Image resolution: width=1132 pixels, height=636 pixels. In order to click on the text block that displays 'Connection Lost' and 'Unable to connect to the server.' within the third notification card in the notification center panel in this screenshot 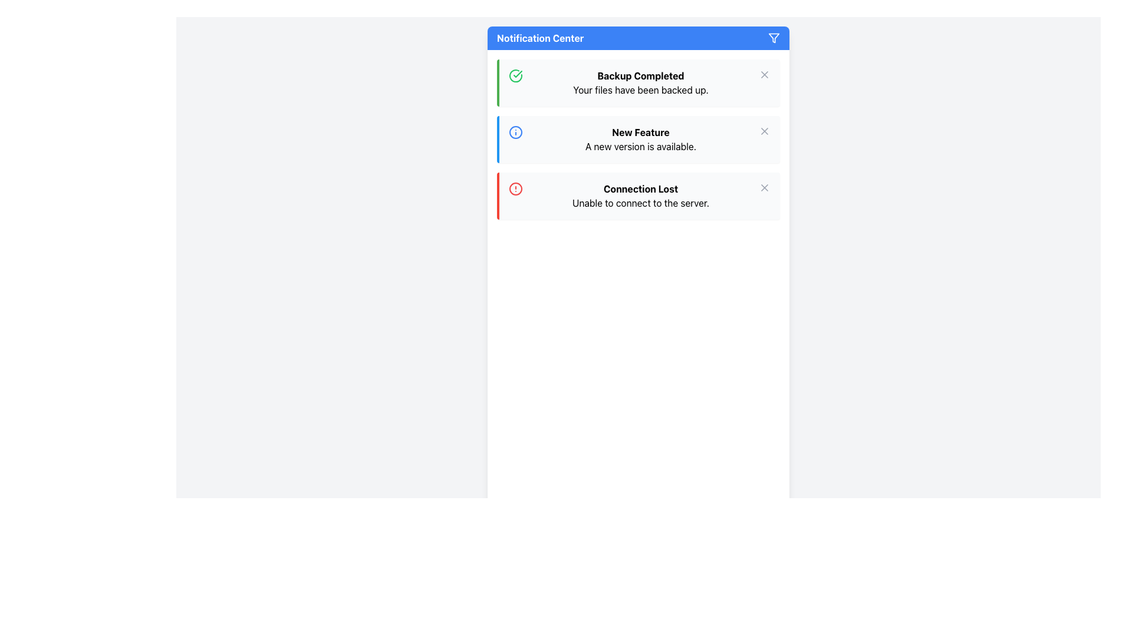, I will do `click(640, 195)`.